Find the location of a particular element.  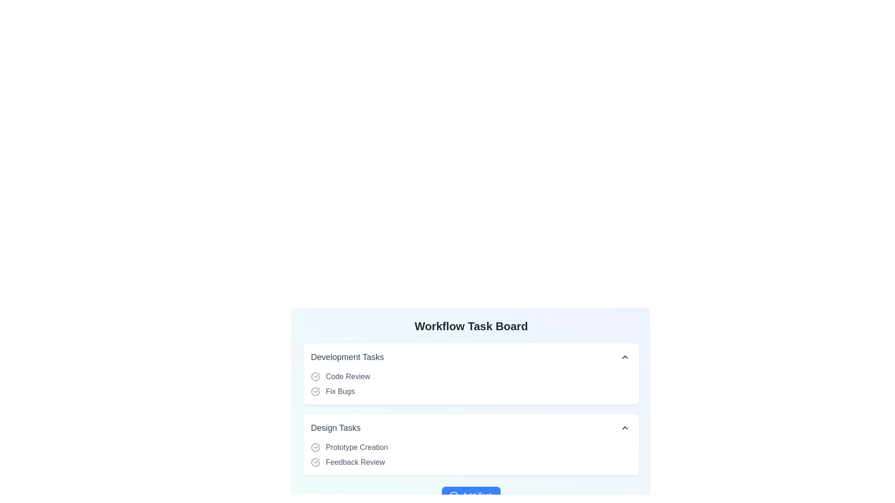

the static text label that represents the task titled 'Prototype Creation' in the 'Design Tasks' section of the task board is located at coordinates (356, 447).